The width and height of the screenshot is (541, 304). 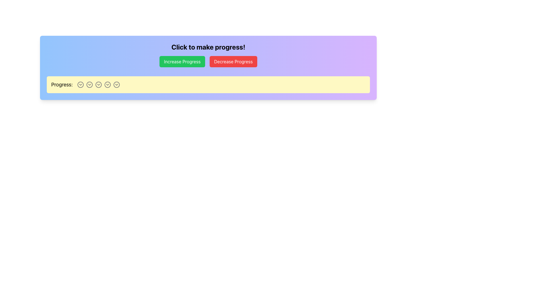 I want to click on the circular icon button with a gray outline and downward chevron, so click(x=80, y=84).